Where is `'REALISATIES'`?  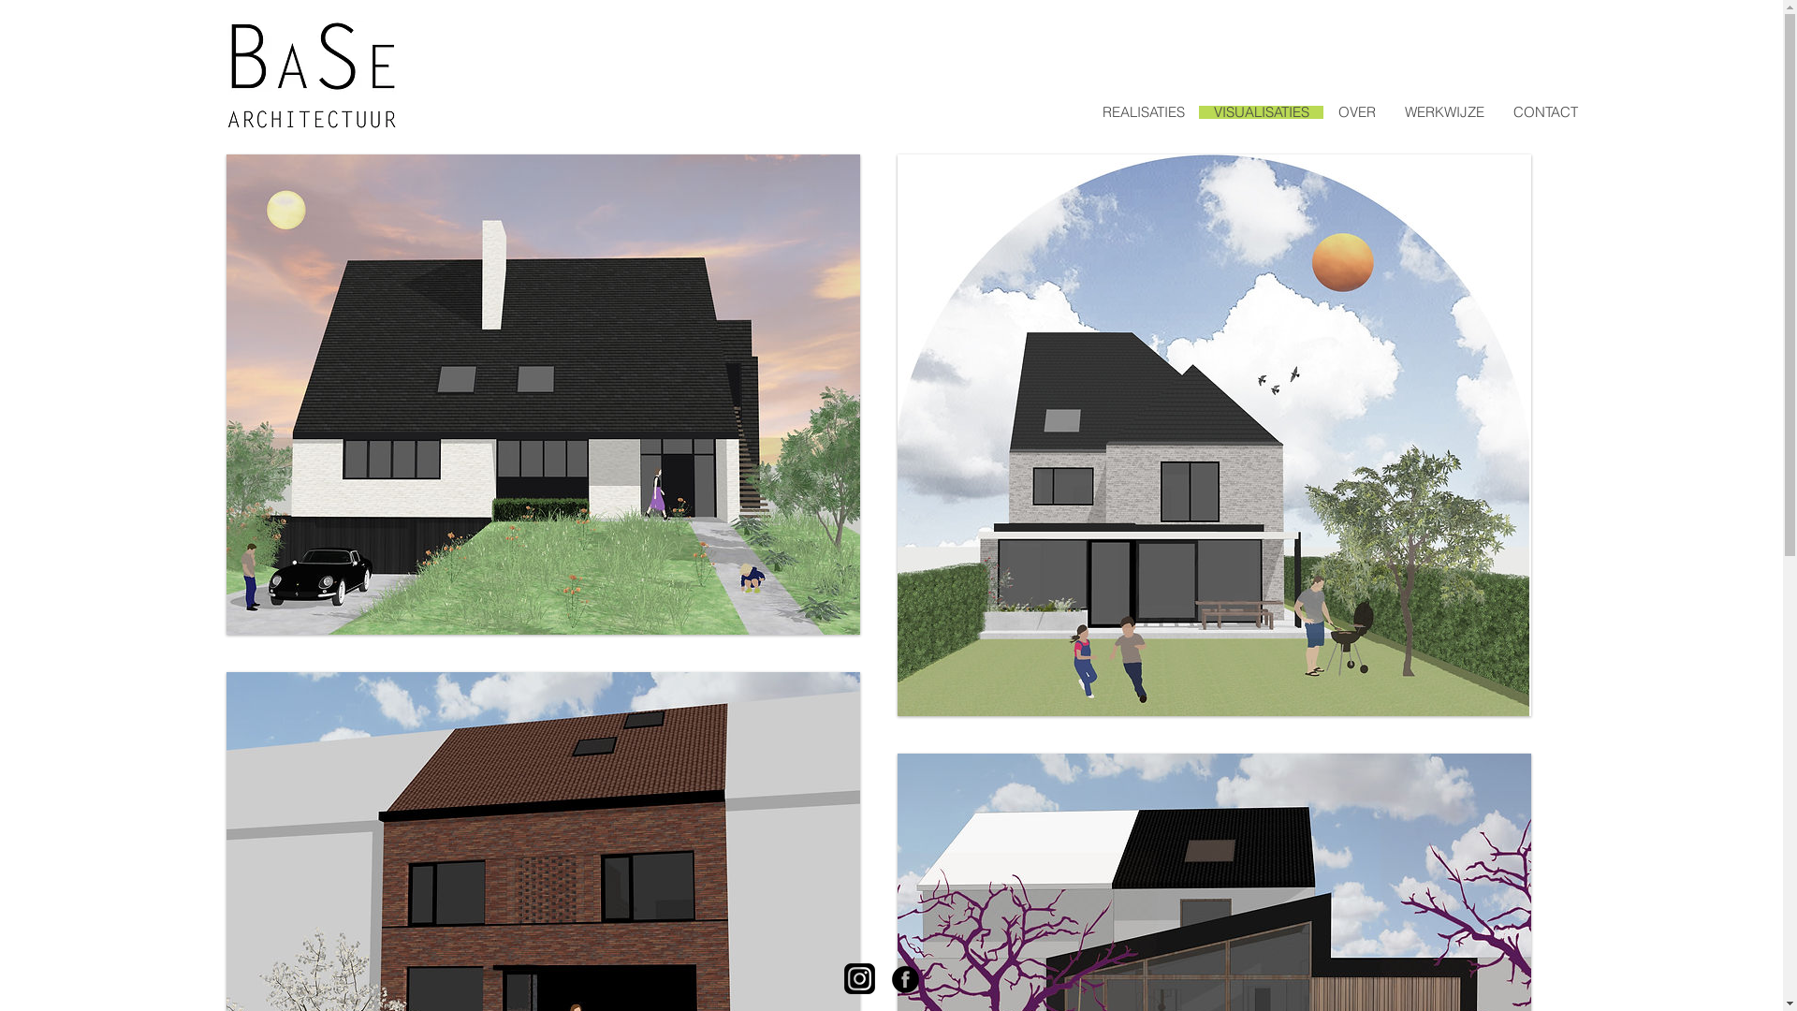 'REALISATIES' is located at coordinates (1087, 111).